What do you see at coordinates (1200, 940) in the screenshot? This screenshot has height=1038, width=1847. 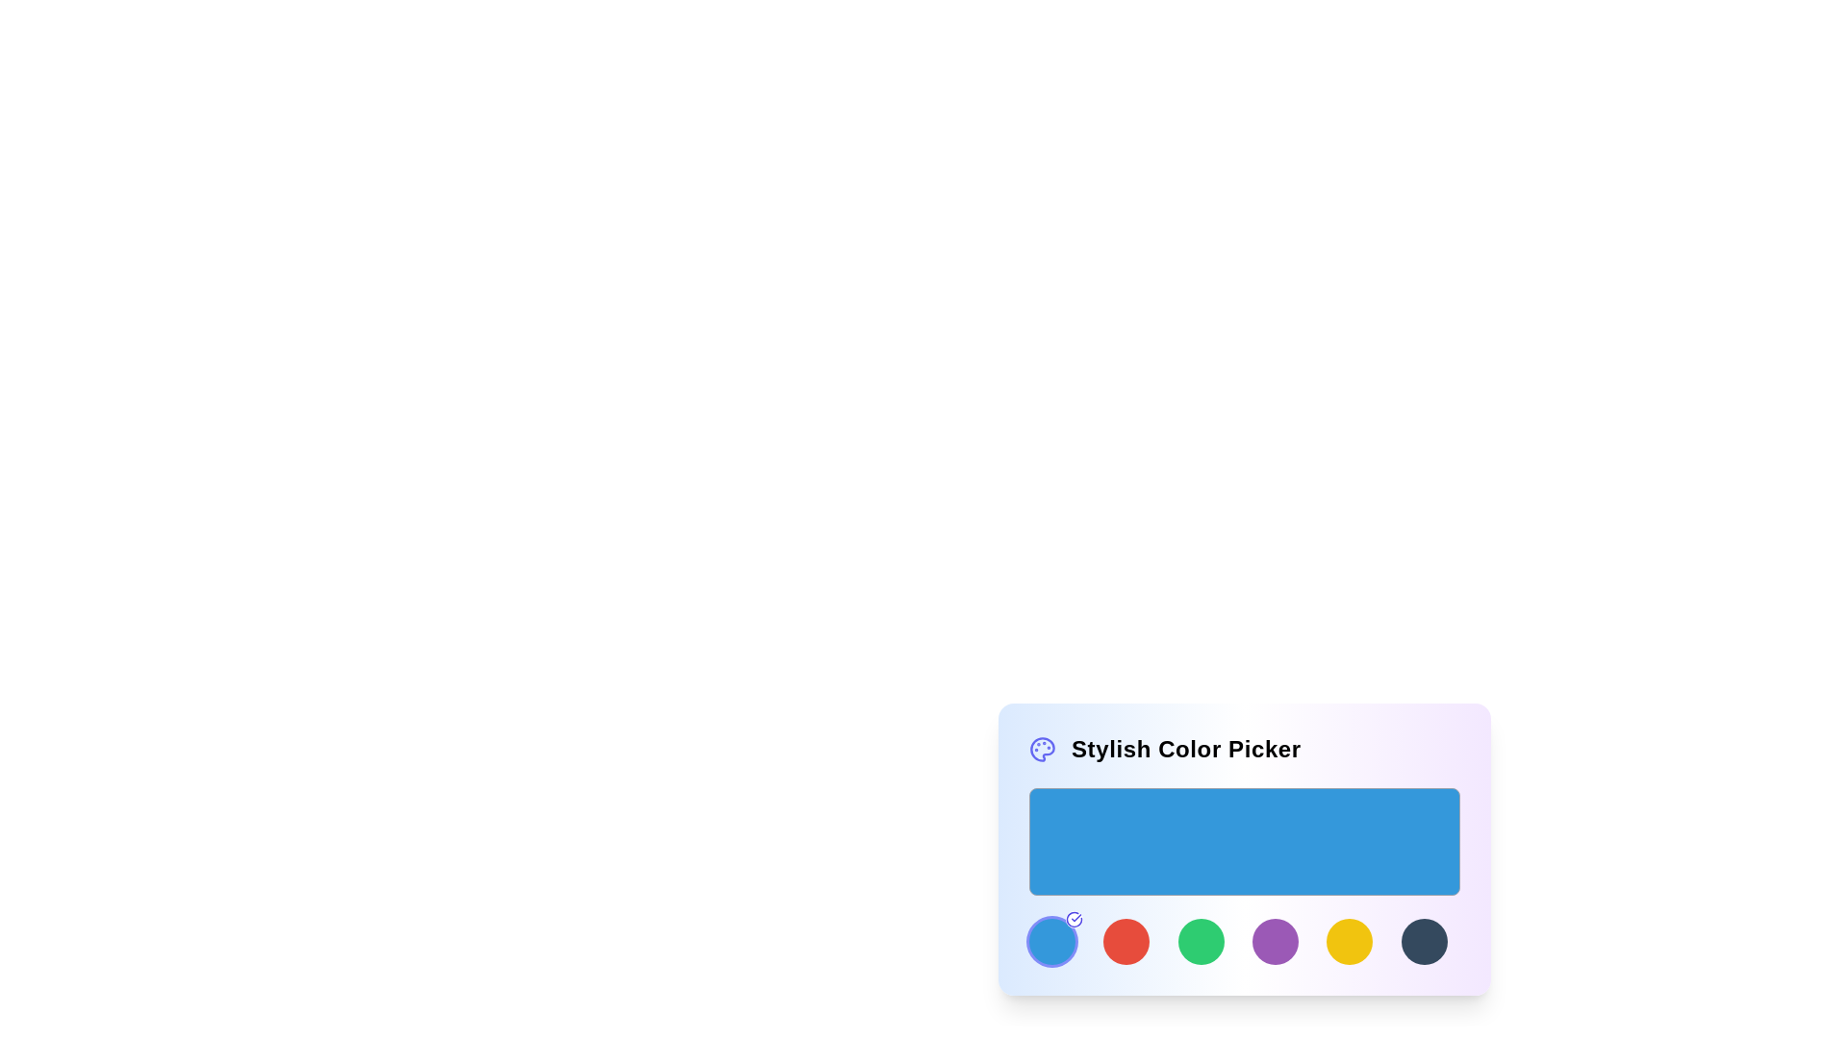 I see `the fourth circular button with a green background in the grid layout` at bounding box center [1200, 940].